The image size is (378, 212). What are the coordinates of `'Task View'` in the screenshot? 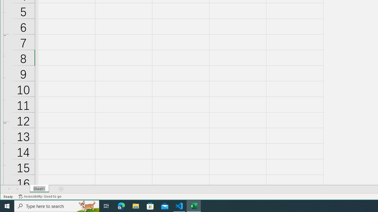 It's located at (106, 206).